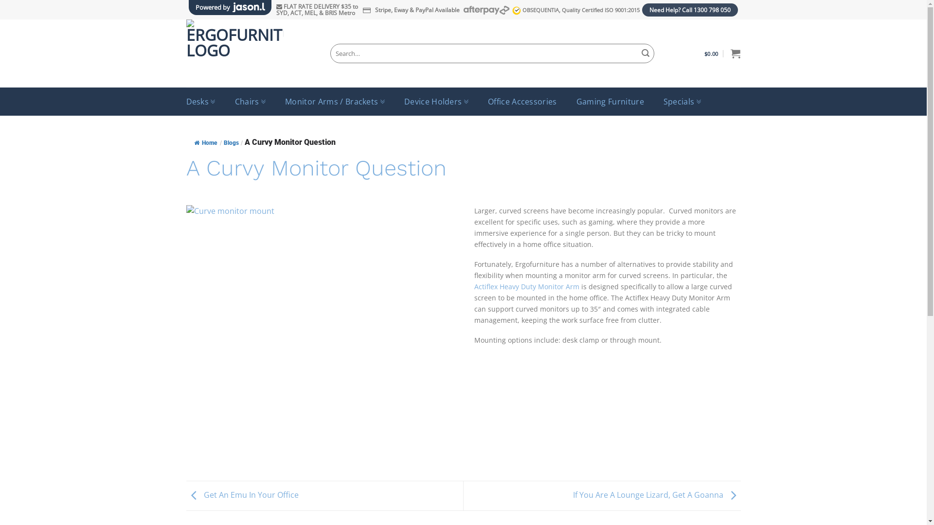  Describe the element at coordinates (689, 9) in the screenshot. I see `'Need Help? Call 1300 798 050'` at that location.